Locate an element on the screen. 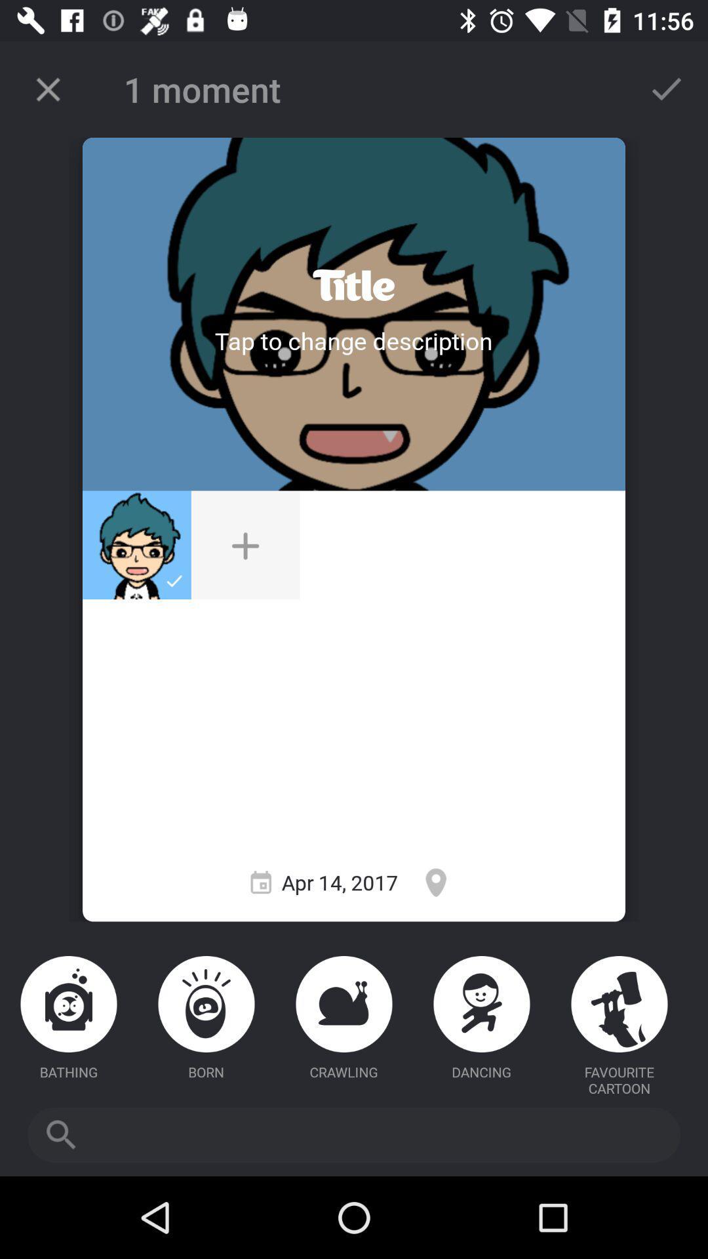 This screenshot has height=1259, width=708. done button is located at coordinates (667, 89).